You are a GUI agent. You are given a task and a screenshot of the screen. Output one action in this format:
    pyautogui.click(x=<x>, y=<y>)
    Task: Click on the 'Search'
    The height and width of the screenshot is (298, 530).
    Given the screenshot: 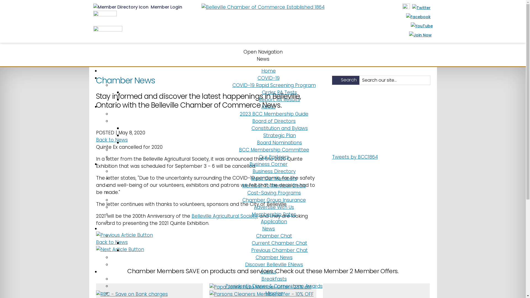 What is the action you would take?
    pyautogui.click(x=339, y=80)
    